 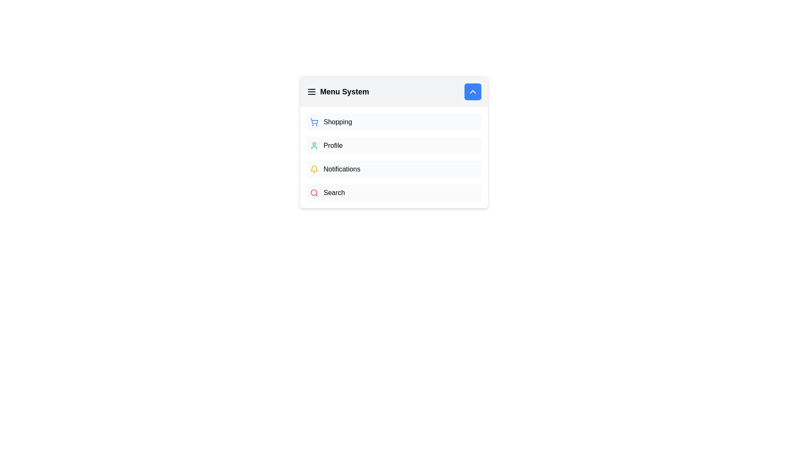 I want to click on the stylized bell icon with a yellow outline, which serves as a notification indicator, so click(x=313, y=168).